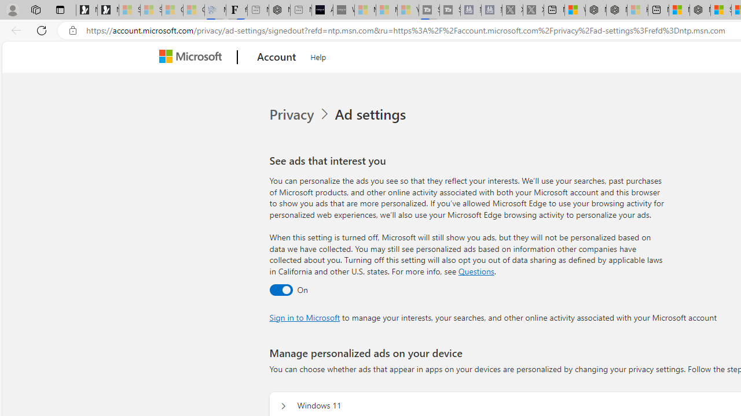 The width and height of the screenshot is (741, 416). Describe the element at coordinates (193, 57) in the screenshot. I see `'Microsoft'` at that location.